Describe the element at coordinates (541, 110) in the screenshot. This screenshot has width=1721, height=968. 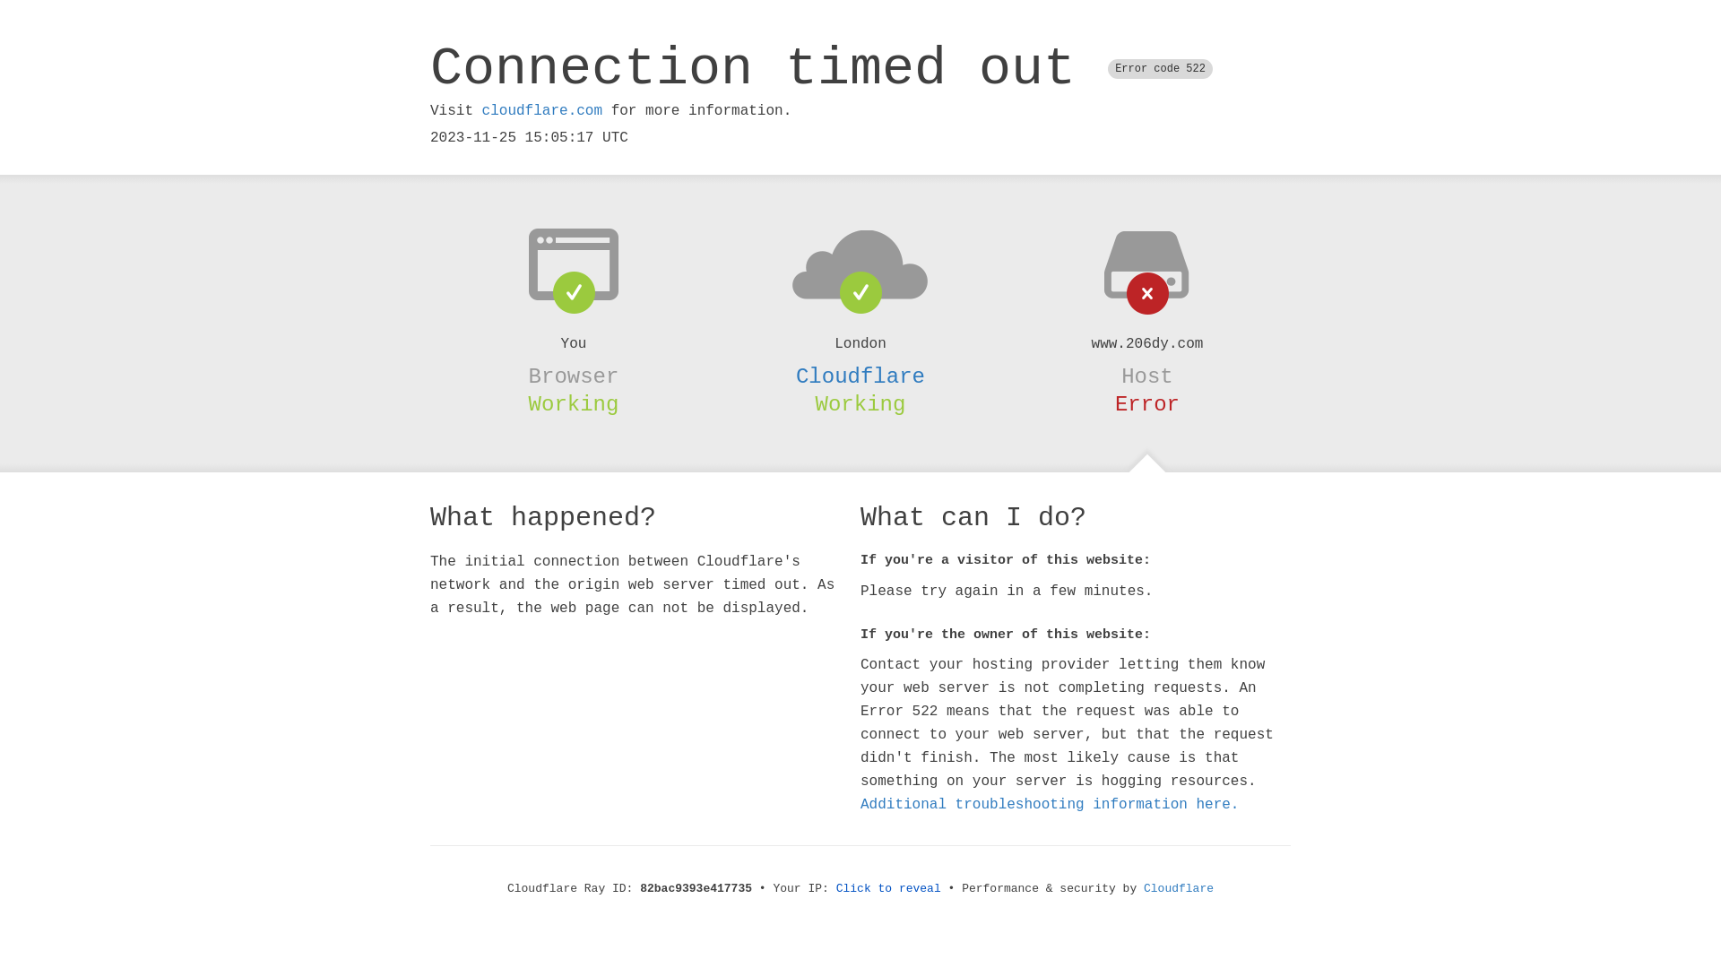
I see `'cloudflare.com'` at that location.